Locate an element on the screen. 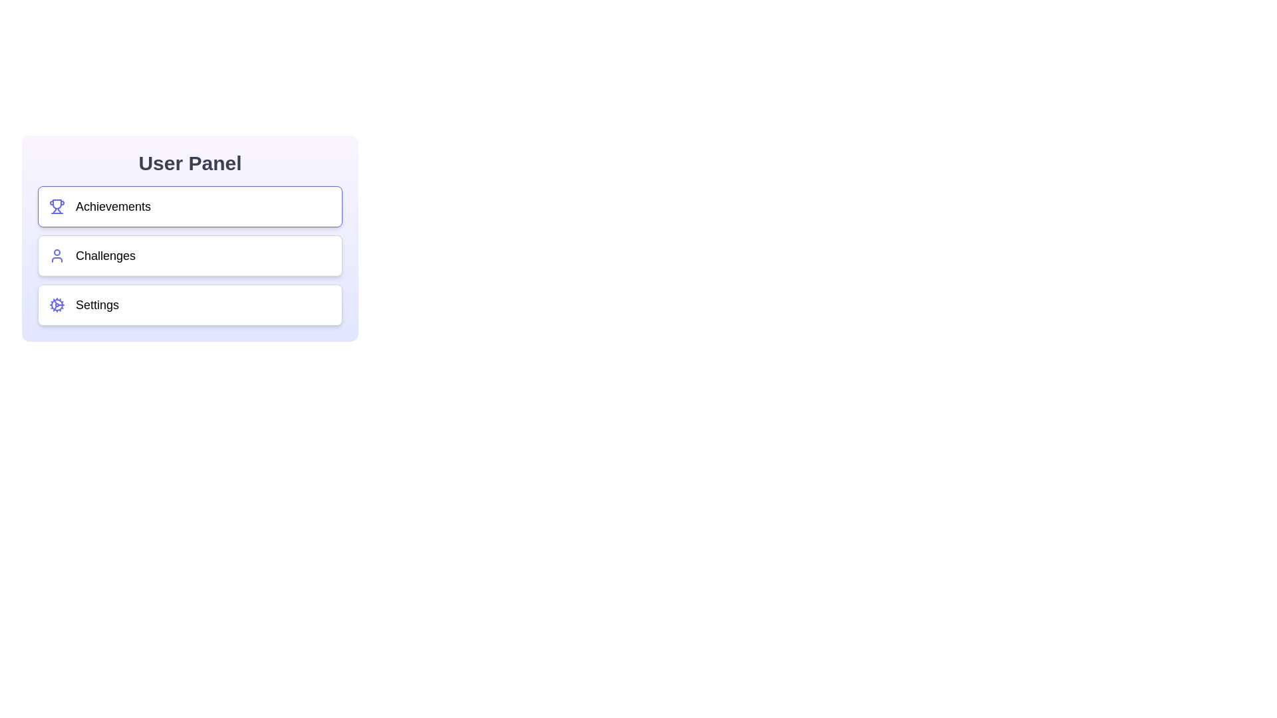 The image size is (1277, 718). the button corresponding to the section Settings to activate it is located at coordinates (203, 305).